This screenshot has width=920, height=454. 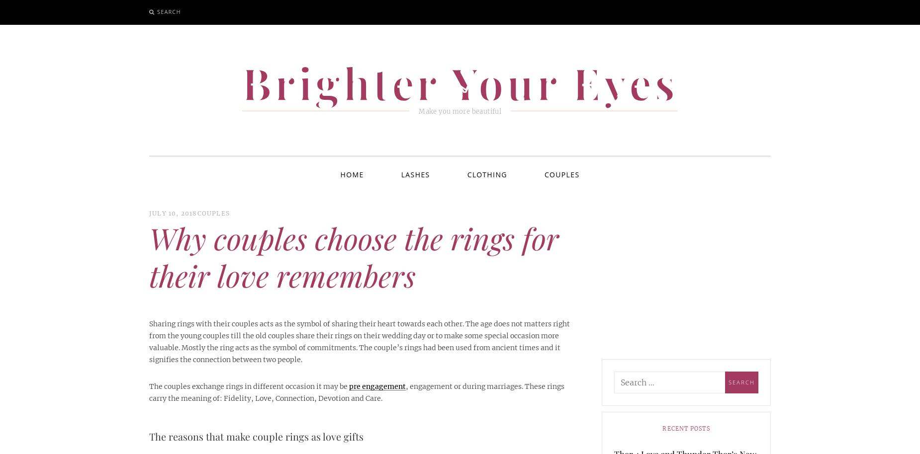 I want to click on 'Clothing', so click(x=486, y=173).